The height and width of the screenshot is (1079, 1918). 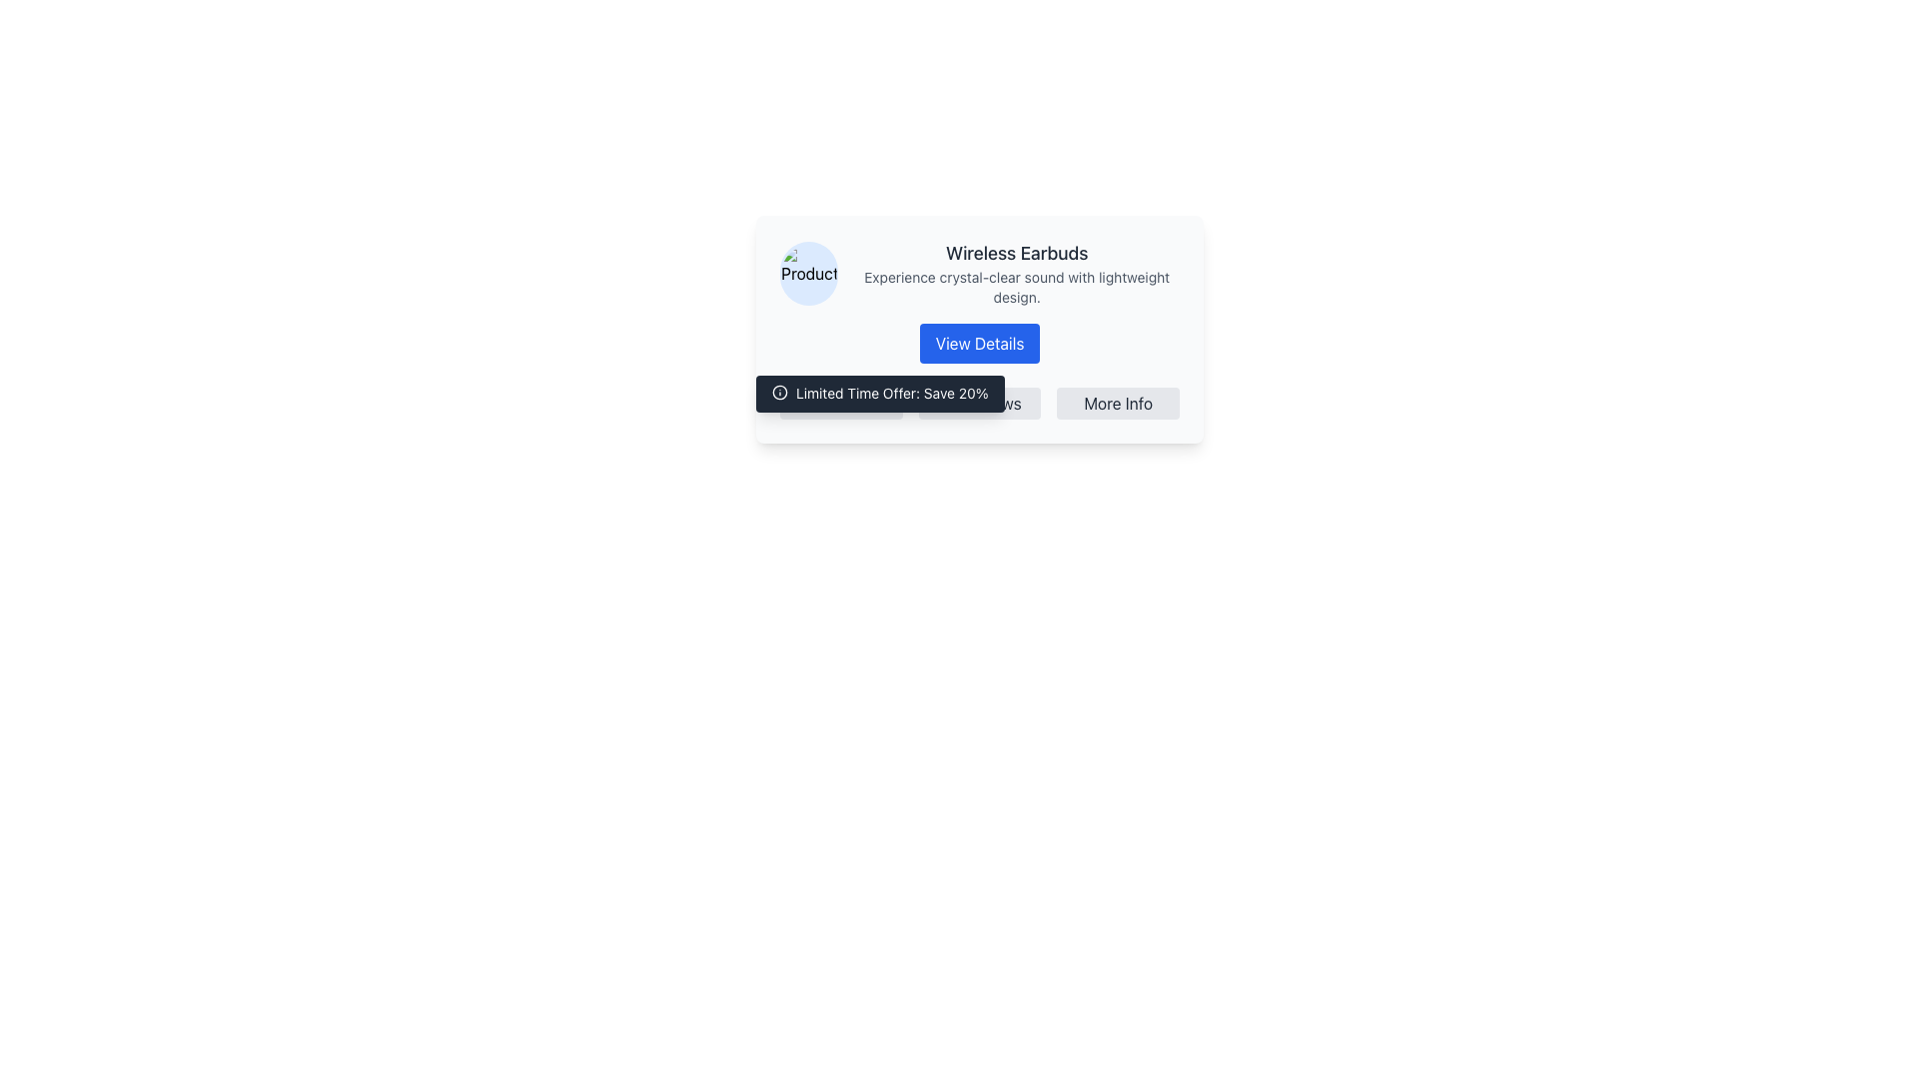 What do you see at coordinates (1117, 404) in the screenshot?
I see `the 'More Info' text label located in the bottom-right corner of the product card` at bounding box center [1117, 404].